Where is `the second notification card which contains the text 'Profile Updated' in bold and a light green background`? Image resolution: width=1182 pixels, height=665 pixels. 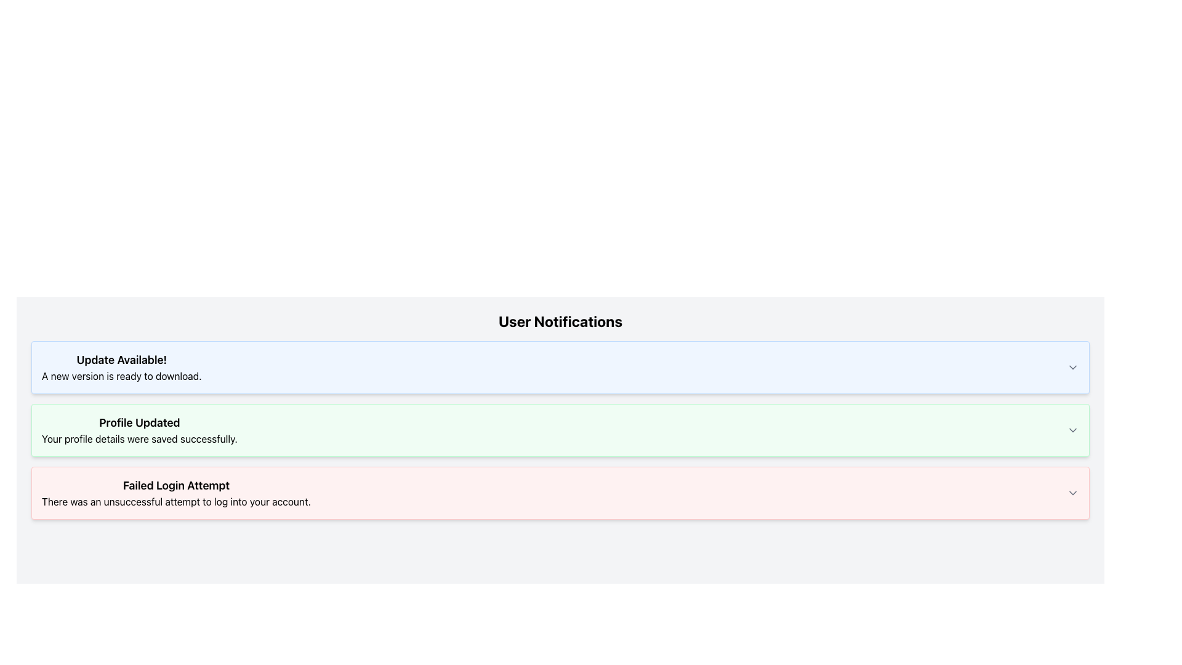 the second notification card which contains the text 'Profile Updated' in bold and a light green background is located at coordinates (139, 429).